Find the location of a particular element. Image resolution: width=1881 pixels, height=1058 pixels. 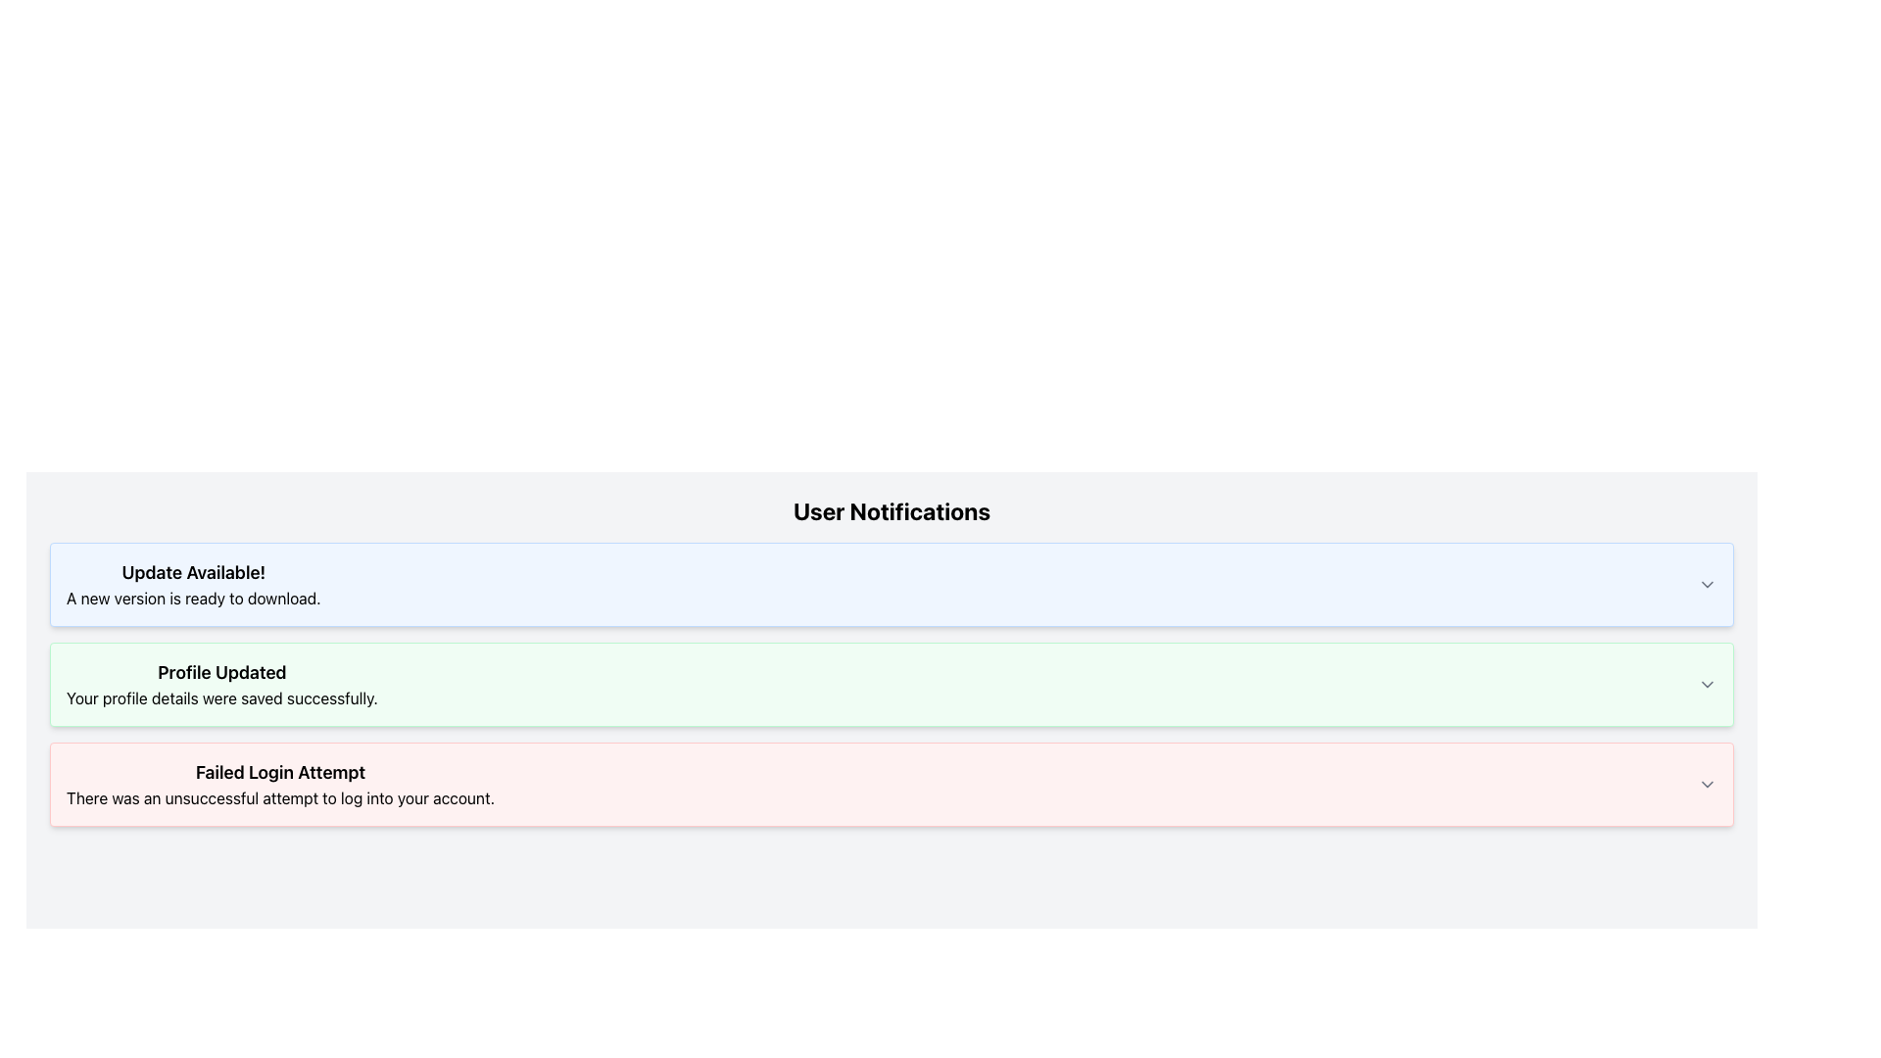

the Dropdown toggle icon, which is a small gray chevron-shaped icon resembling a downward-pointing arrow, located at the far right of the 'Update Available! A new version is ready to download.' notification panel is located at coordinates (1706, 584).